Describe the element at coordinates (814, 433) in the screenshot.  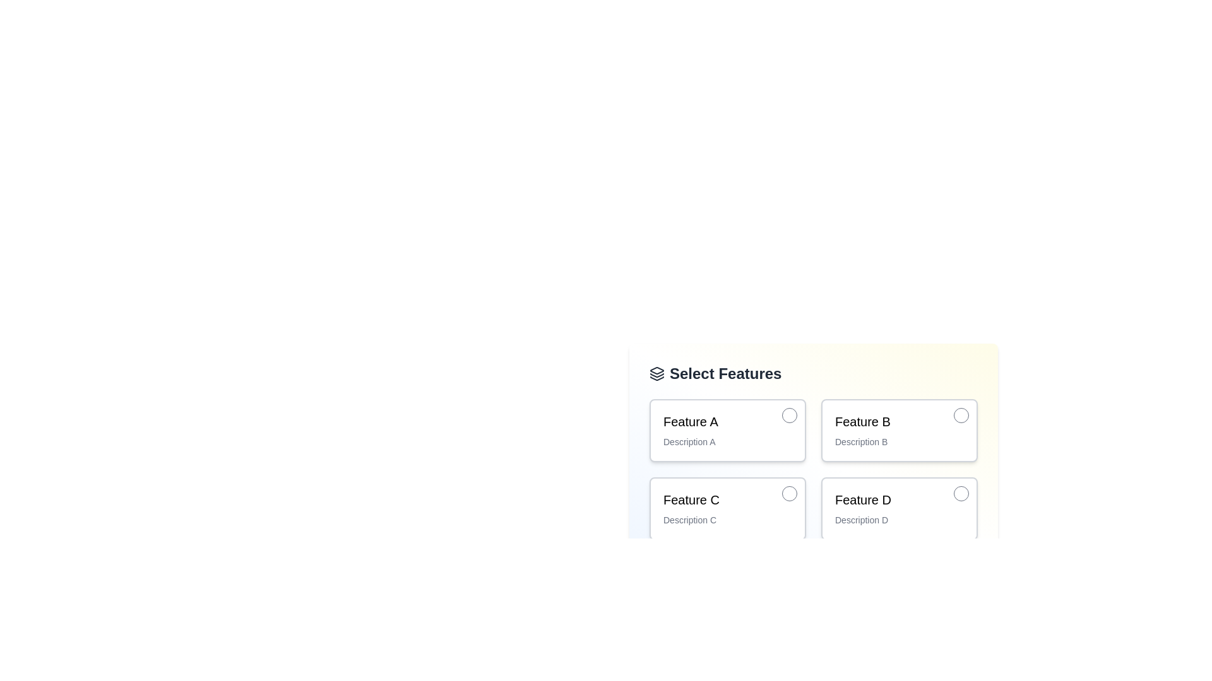
I see `the interactive card representing the 'Feature B' option in the 'Select Features' group` at that location.